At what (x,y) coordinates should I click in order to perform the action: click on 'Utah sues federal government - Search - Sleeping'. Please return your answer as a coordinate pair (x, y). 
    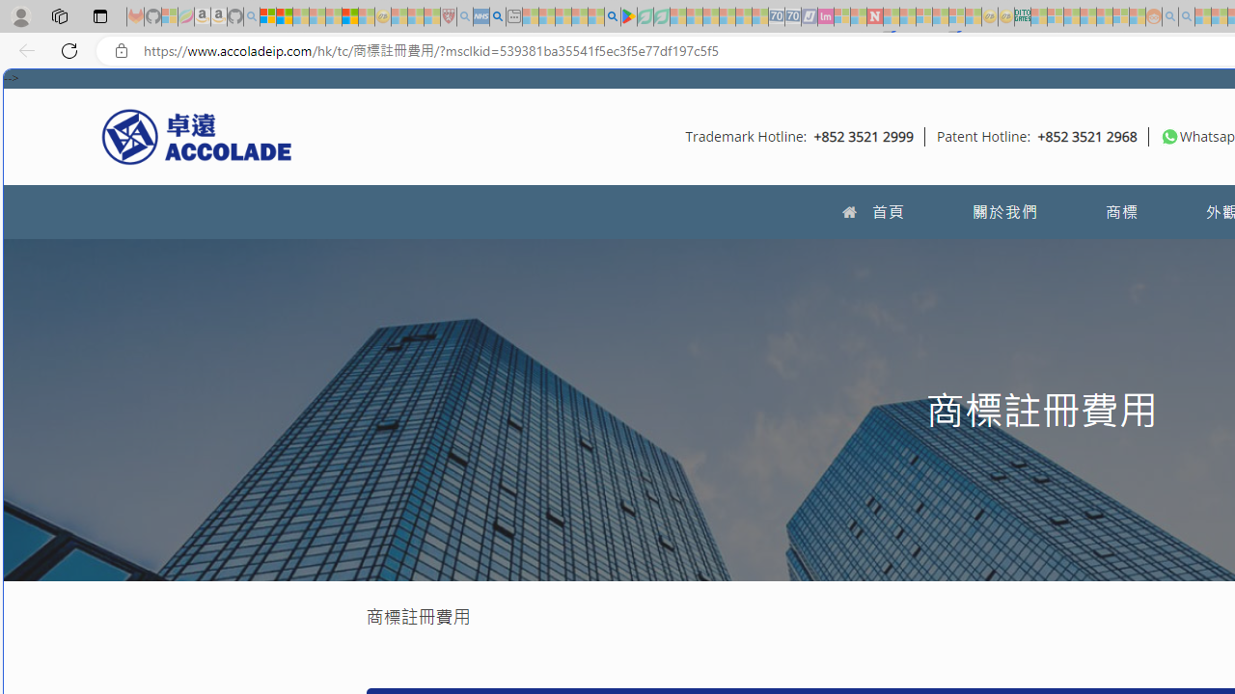
    Looking at the image, I should click on (1186, 16).